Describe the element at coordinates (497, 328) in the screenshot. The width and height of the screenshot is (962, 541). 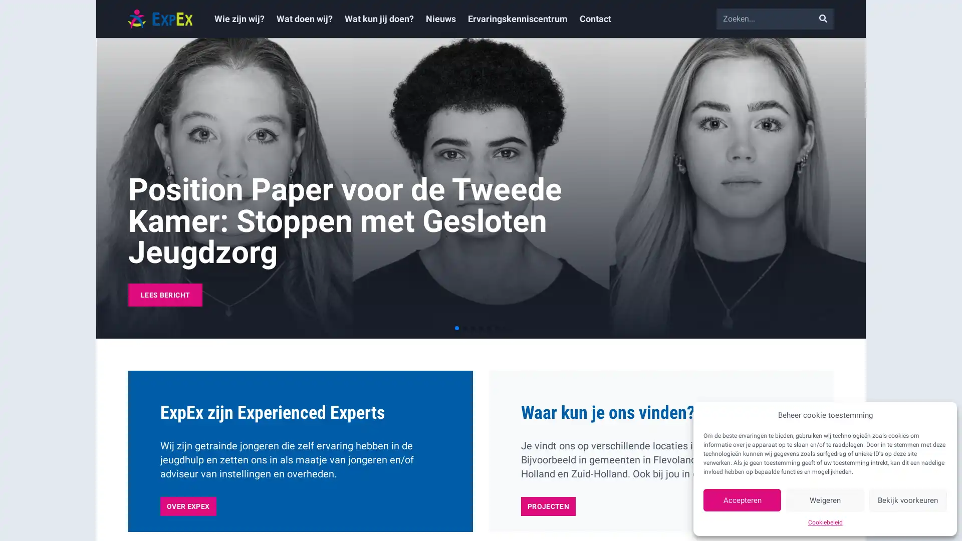
I see `Go to slide 6` at that location.